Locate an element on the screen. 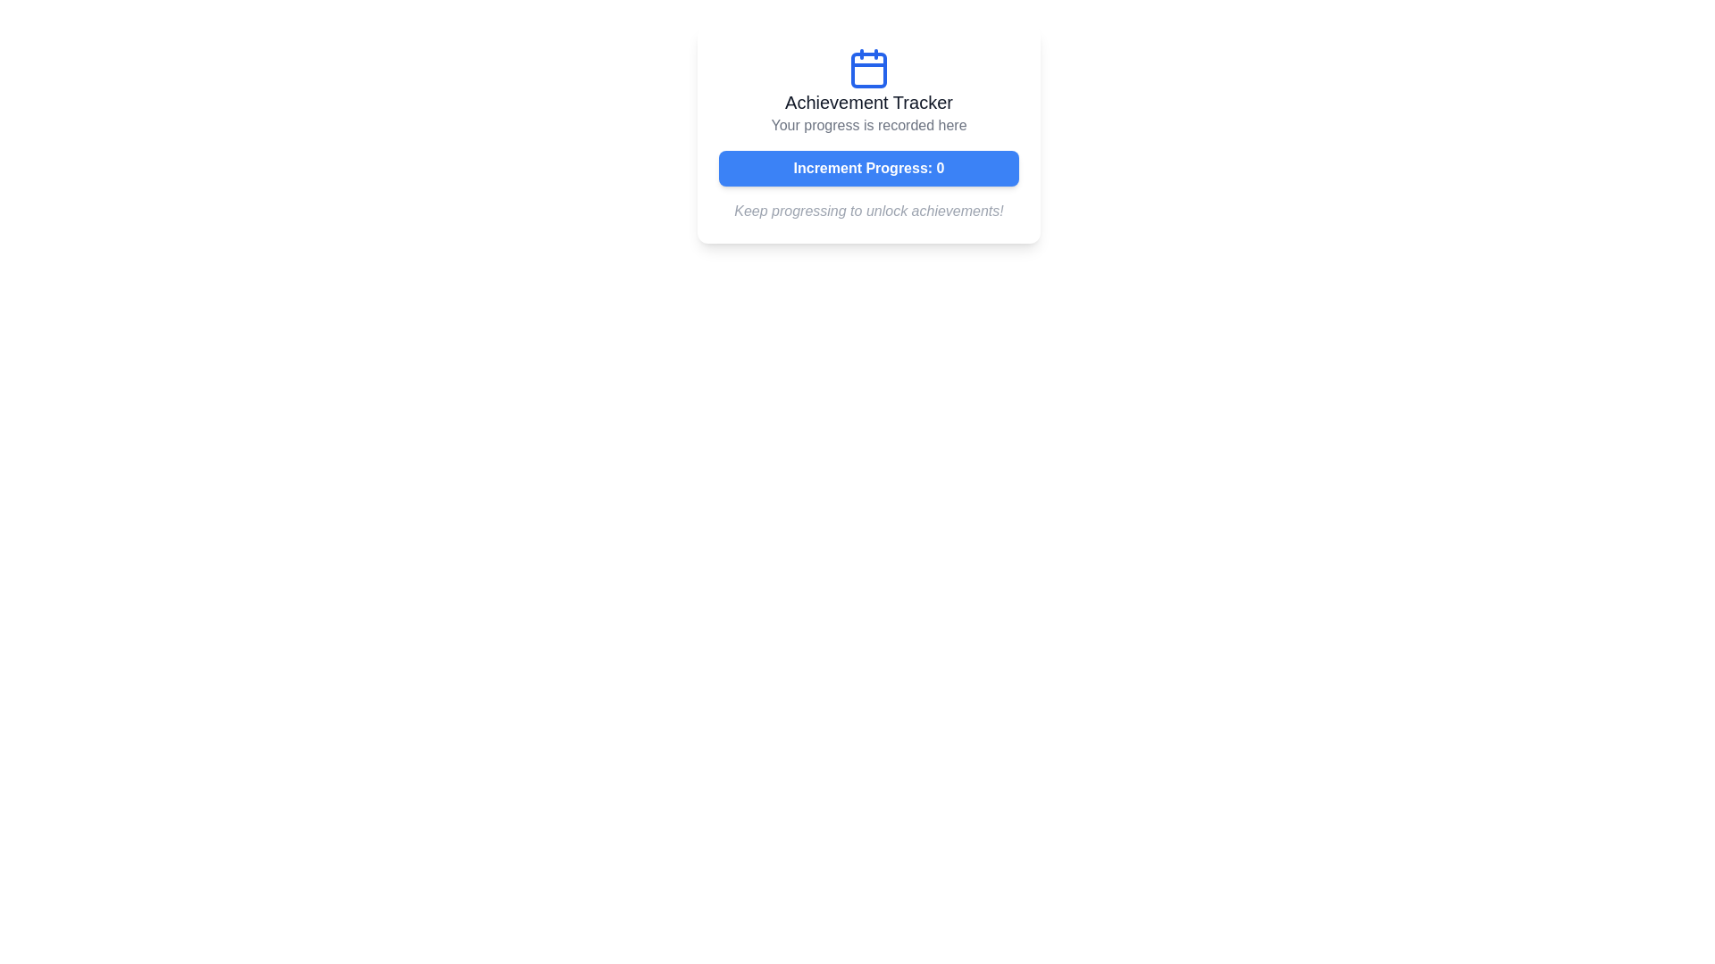 The image size is (1715, 964). the increment button located below 'Achievement Tracker' and above 'Keep progressing to unlock achievements!' to observe the hover effects is located at coordinates (869, 169).